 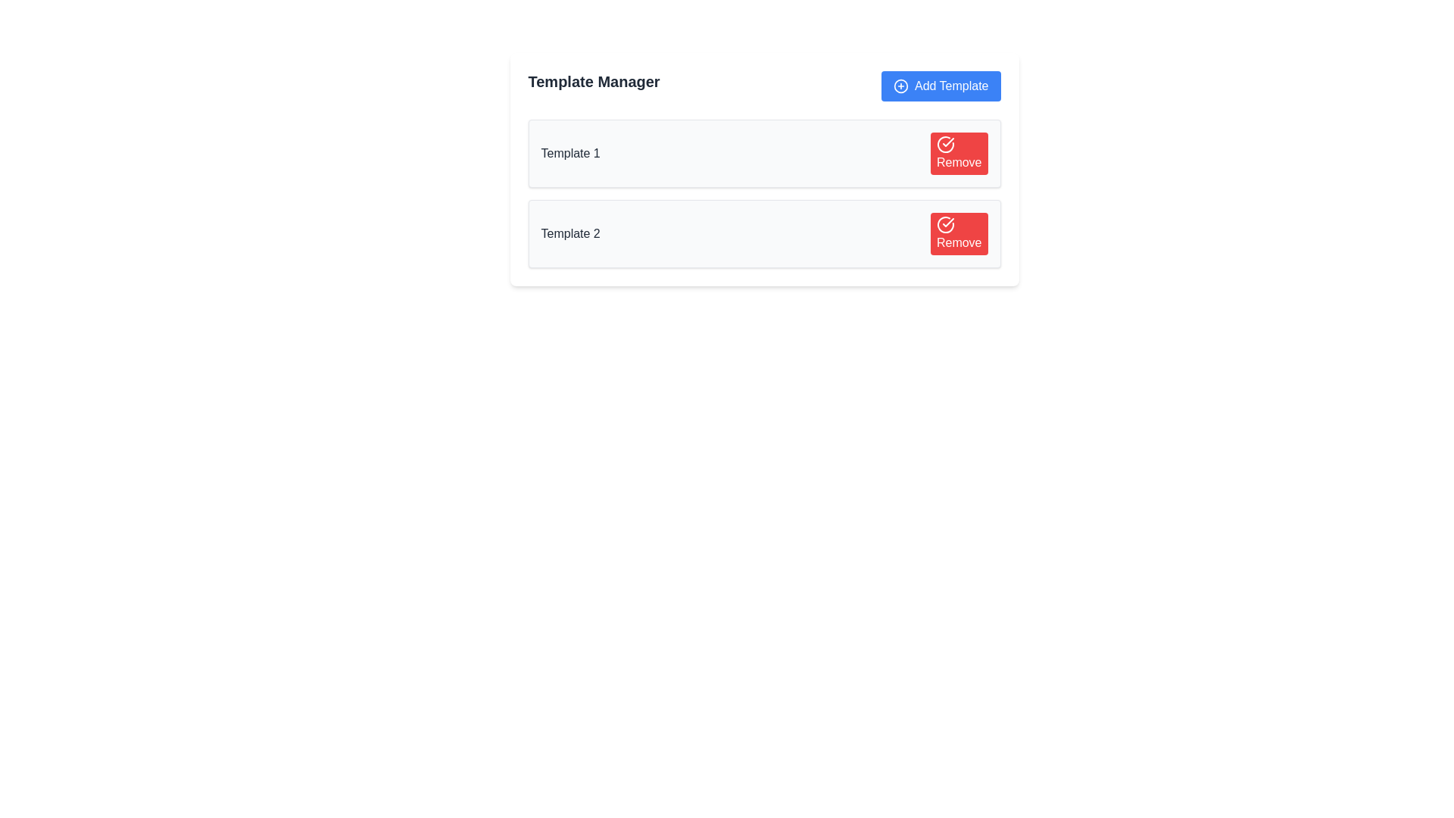 What do you see at coordinates (944, 225) in the screenshot?
I see `the circular checkmark icon with a red background that is part of the 'Remove' button in the 'Template Manager' interface` at bounding box center [944, 225].